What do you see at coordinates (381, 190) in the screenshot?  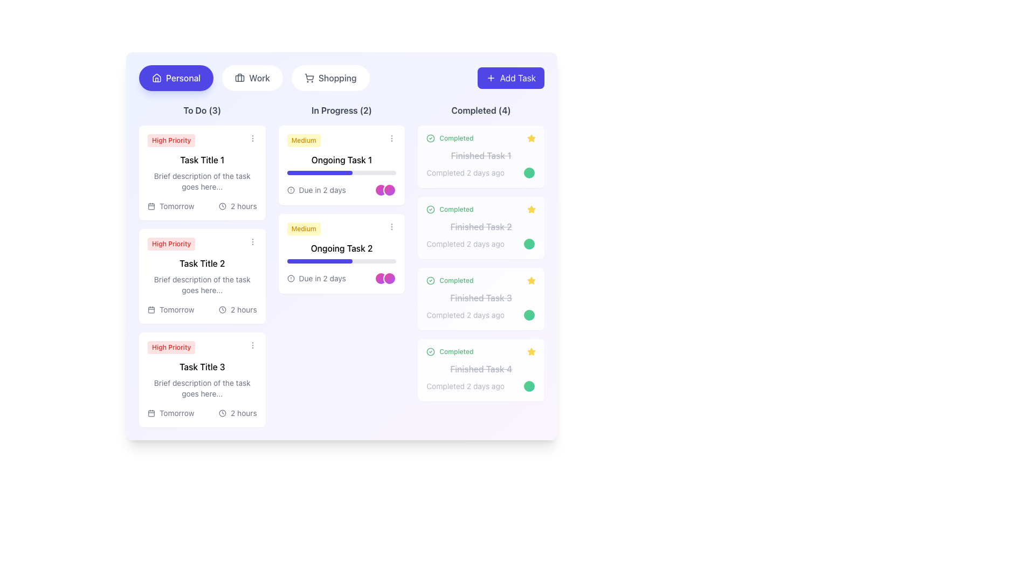 I see `the small, circular icon with a gradient fill transitioning from pink to purple, located within the 'In Progress' task card labeled 'Ongoing Task 1'` at bounding box center [381, 190].